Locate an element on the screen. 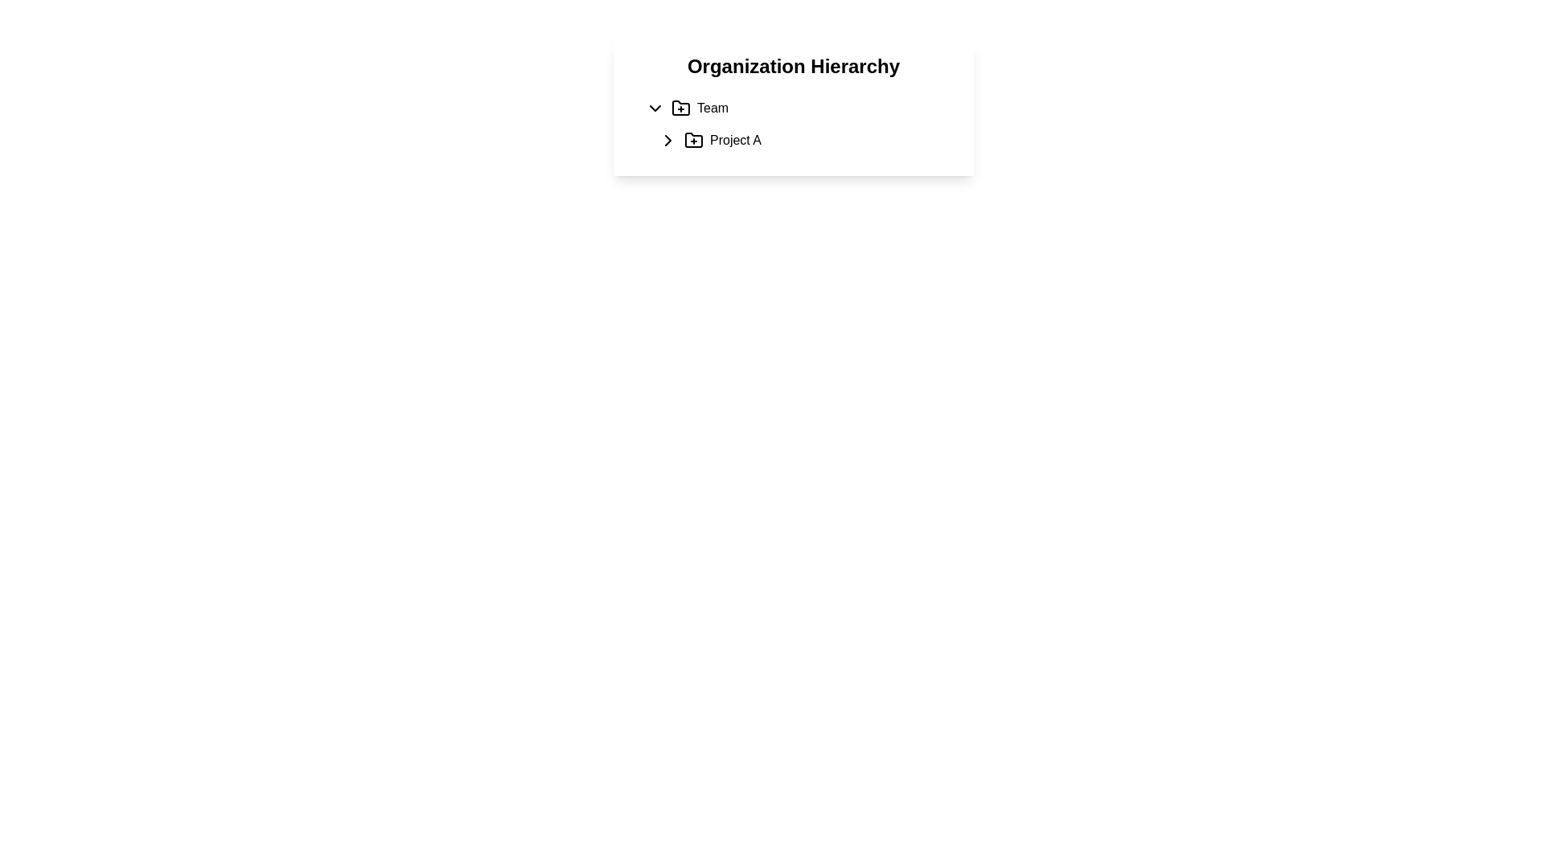 The image size is (1544, 868). the curved rectangle icon that resembles a file folder silhouette associated with 'Project A' in the organizational hierarchy display is located at coordinates (694, 138).